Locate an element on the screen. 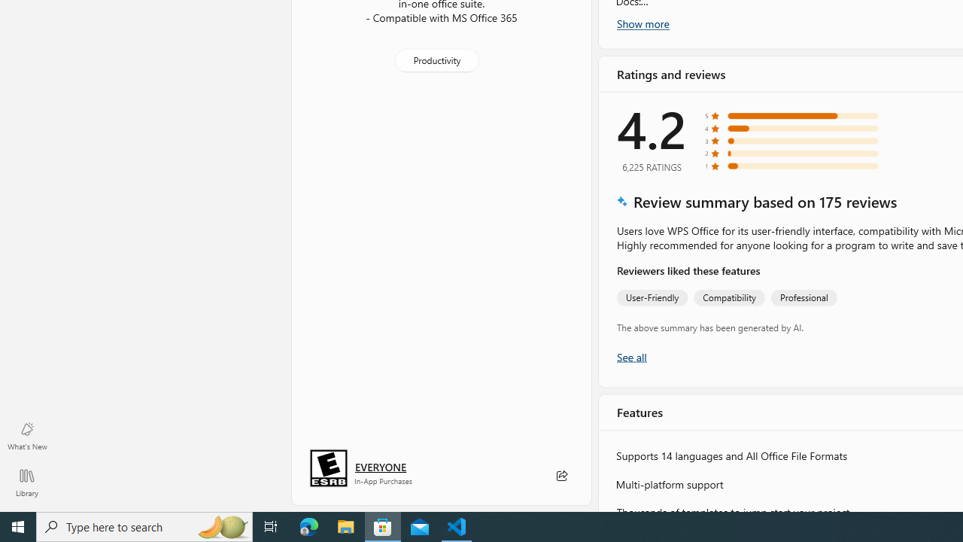  'Productivity' is located at coordinates (435, 59).